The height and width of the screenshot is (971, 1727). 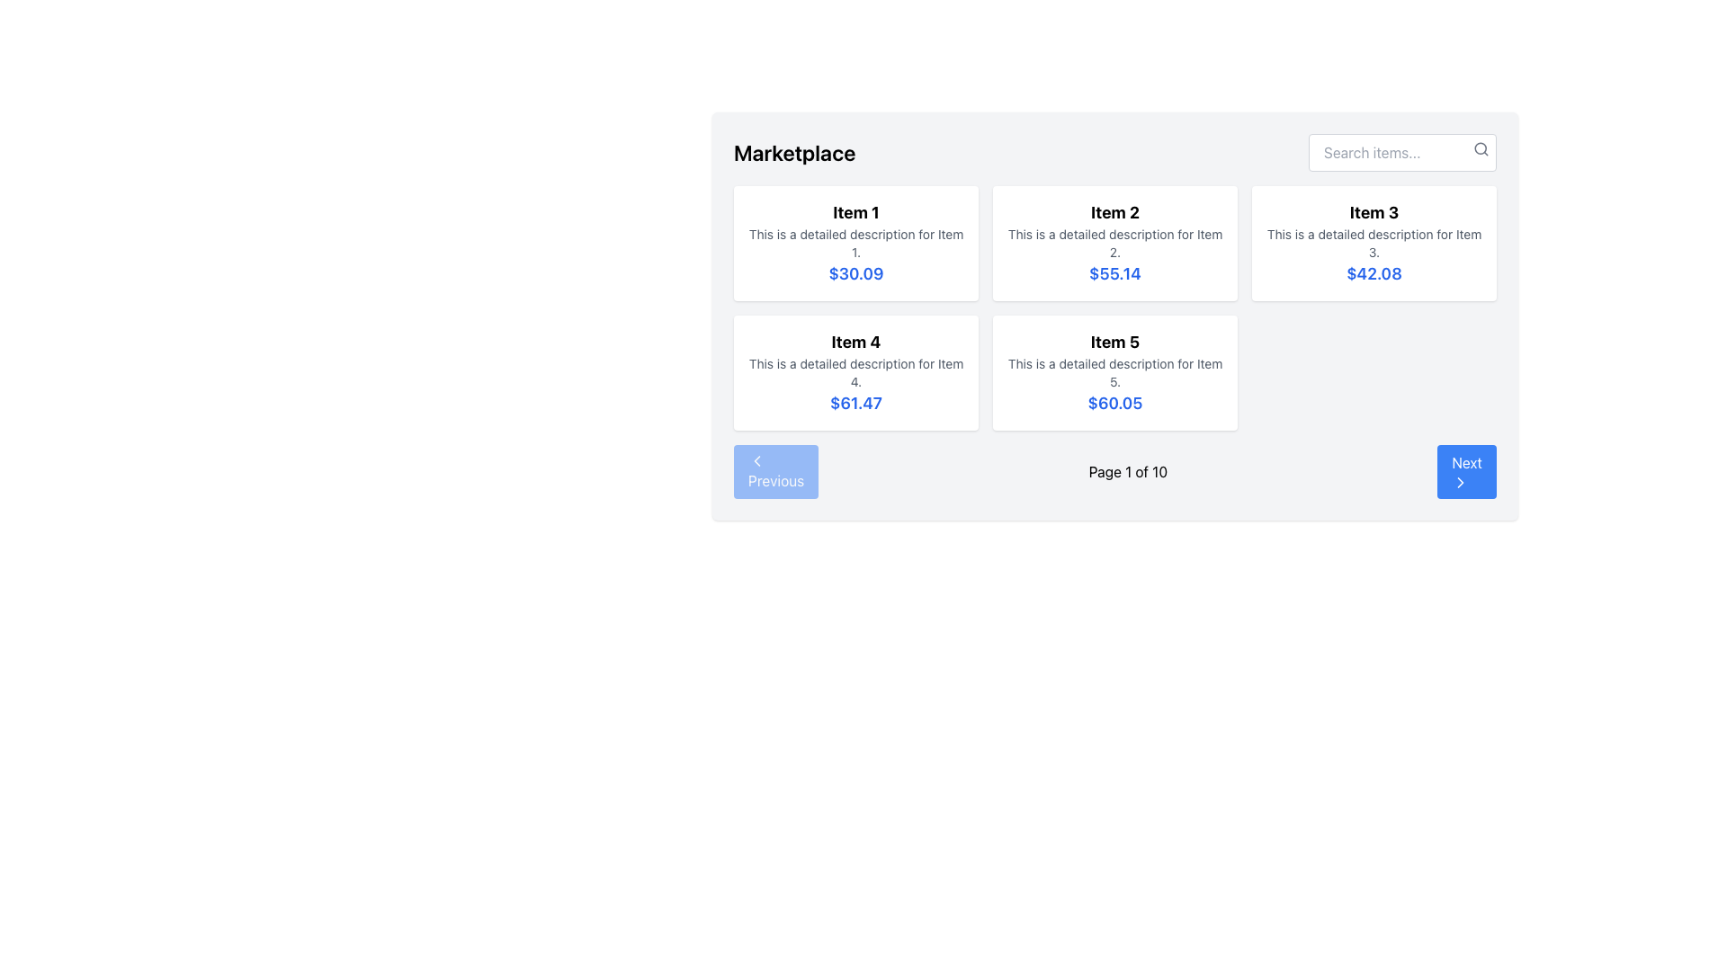 I want to click on the small circular search icon styled as a magnifying glass located in the top-right corner of the search bar, so click(x=1481, y=147).